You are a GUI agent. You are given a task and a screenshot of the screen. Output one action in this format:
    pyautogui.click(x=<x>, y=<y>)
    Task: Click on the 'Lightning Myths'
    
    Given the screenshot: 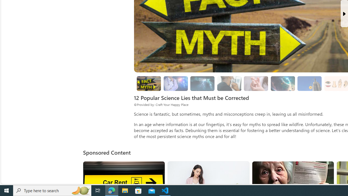 What is the action you would take?
    pyautogui.click(x=202, y=84)
    